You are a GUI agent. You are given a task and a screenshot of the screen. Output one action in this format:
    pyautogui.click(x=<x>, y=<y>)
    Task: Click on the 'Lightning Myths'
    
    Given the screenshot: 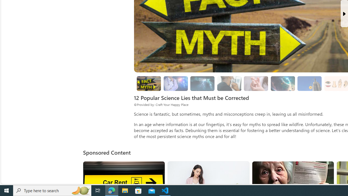 What is the action you would take?
    pyautogui.click(x=202, y=84)
    